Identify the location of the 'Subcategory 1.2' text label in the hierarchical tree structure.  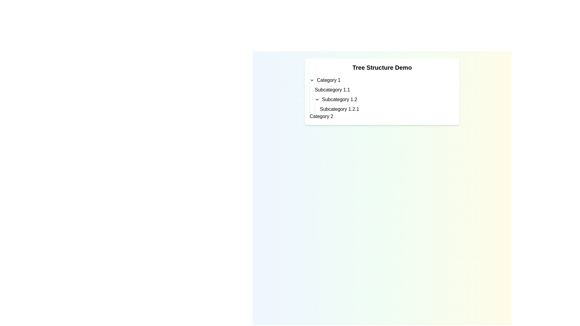
(340, 99).